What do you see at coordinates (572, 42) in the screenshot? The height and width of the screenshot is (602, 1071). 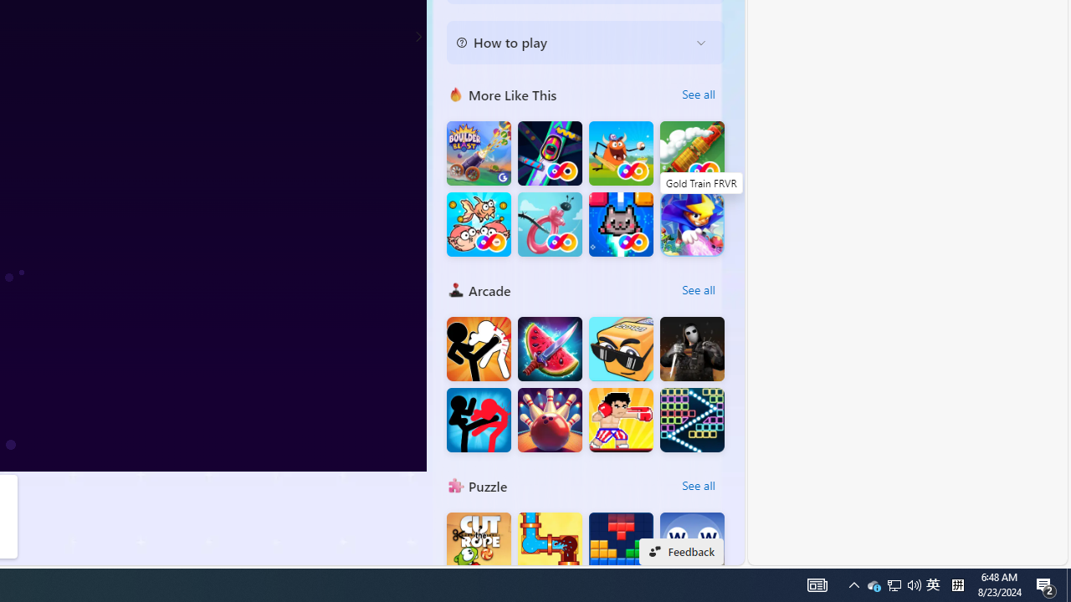 I see `'How to play'` at bounding box center [572, 42].